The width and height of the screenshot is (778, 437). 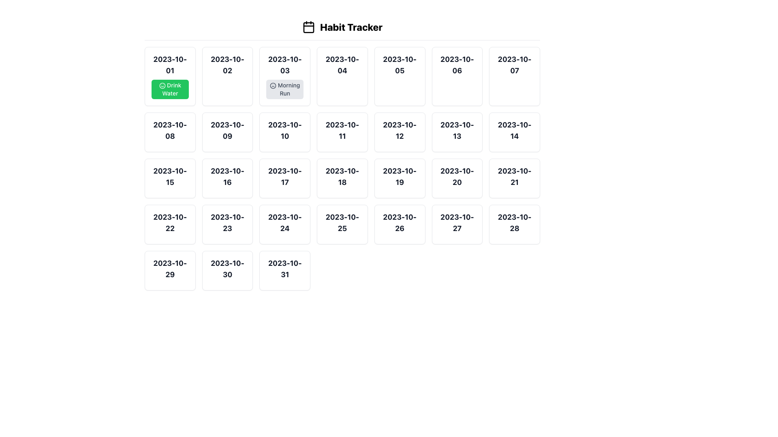 I want to click on the date indicator text label displaying '2023-10-21' within the calendar interface, so click(x=514, y=176).